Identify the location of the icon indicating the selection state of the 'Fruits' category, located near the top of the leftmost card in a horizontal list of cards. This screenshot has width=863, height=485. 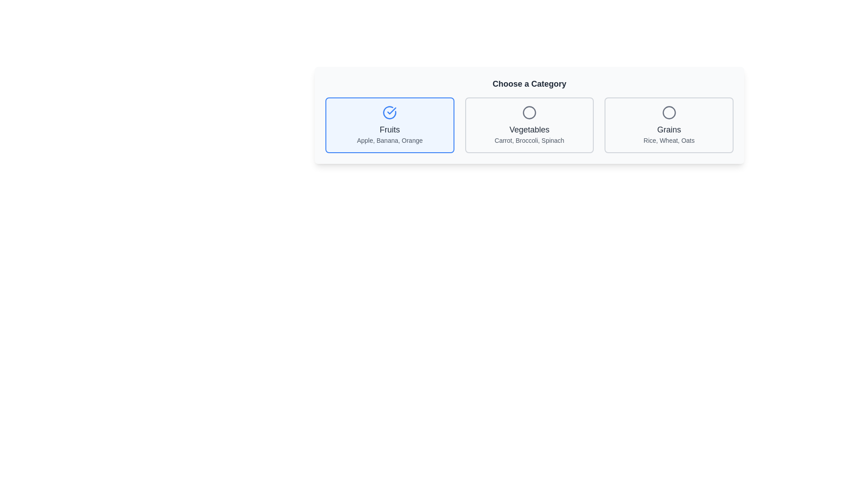
(390, 112).